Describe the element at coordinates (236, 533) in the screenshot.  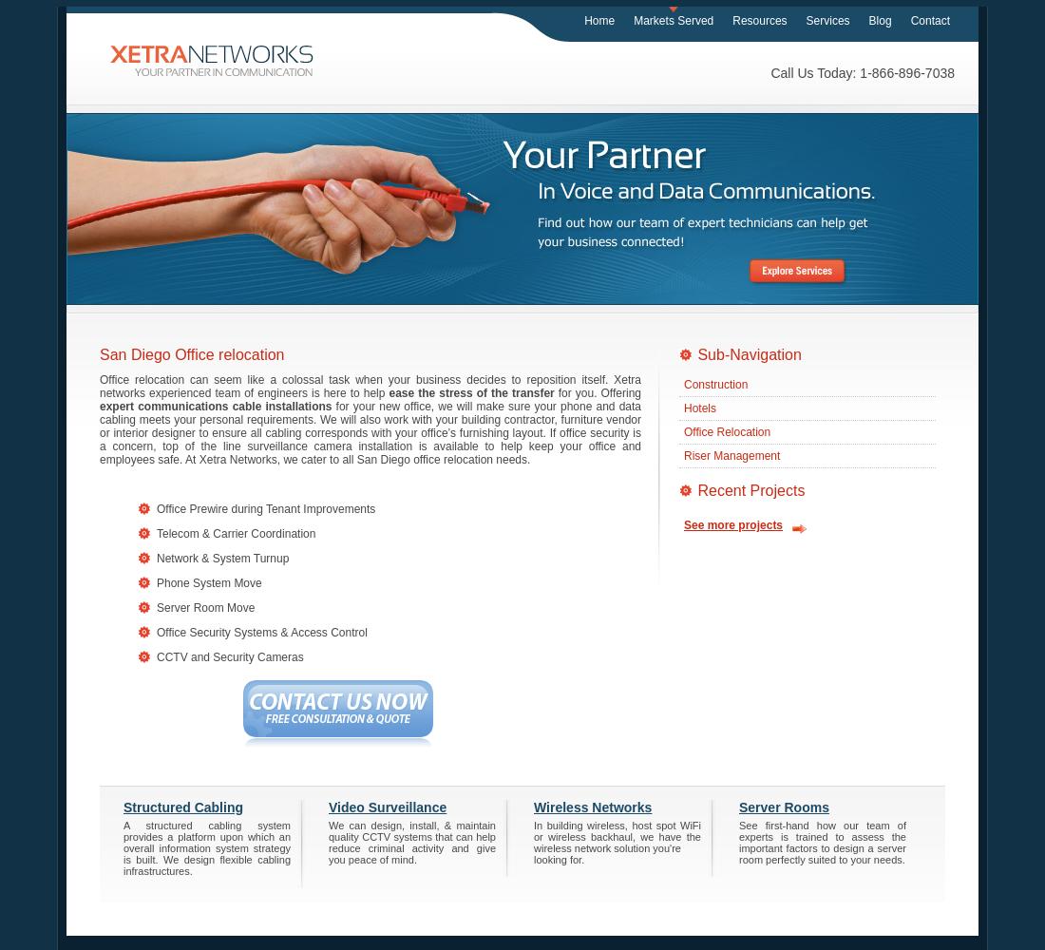
I see `'Telecom & Carrier Coordination'` at that location.